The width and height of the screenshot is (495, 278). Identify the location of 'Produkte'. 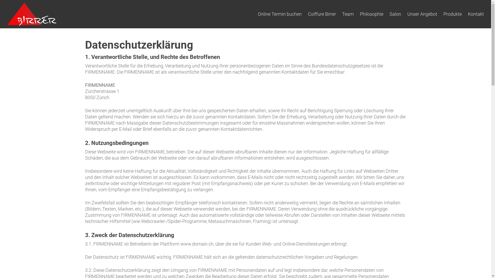
(452, 14).